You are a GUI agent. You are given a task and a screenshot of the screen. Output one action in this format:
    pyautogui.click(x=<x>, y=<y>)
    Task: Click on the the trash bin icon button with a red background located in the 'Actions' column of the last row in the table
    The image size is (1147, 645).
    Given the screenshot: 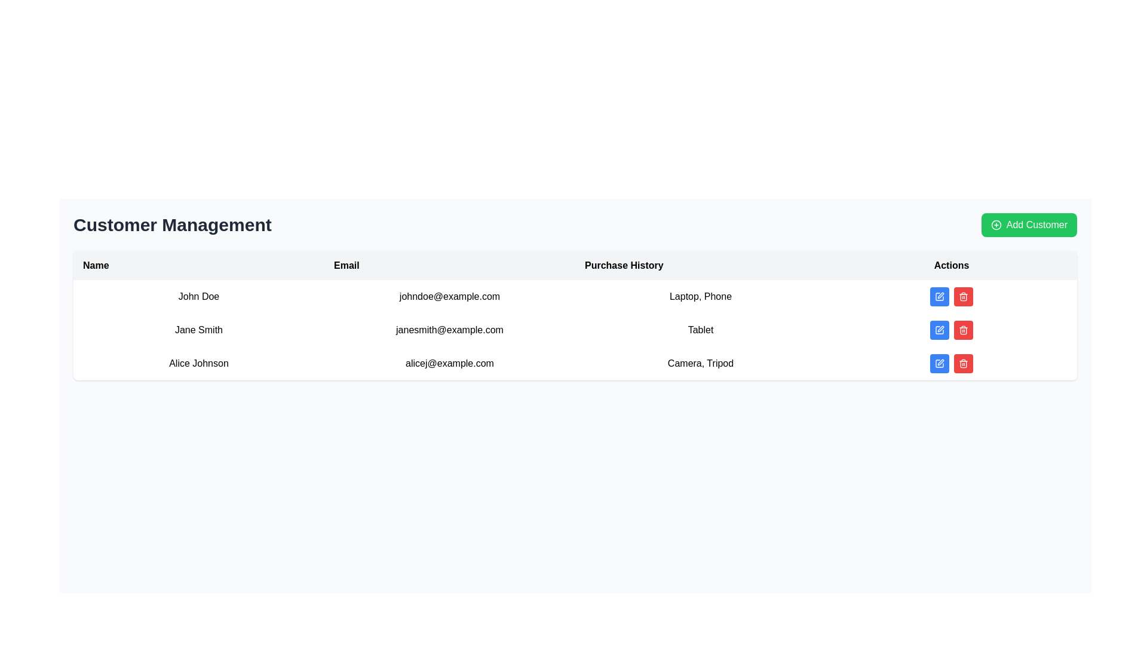 What is the action you would take?
    pyautogui.click(x=963, y=330)
    